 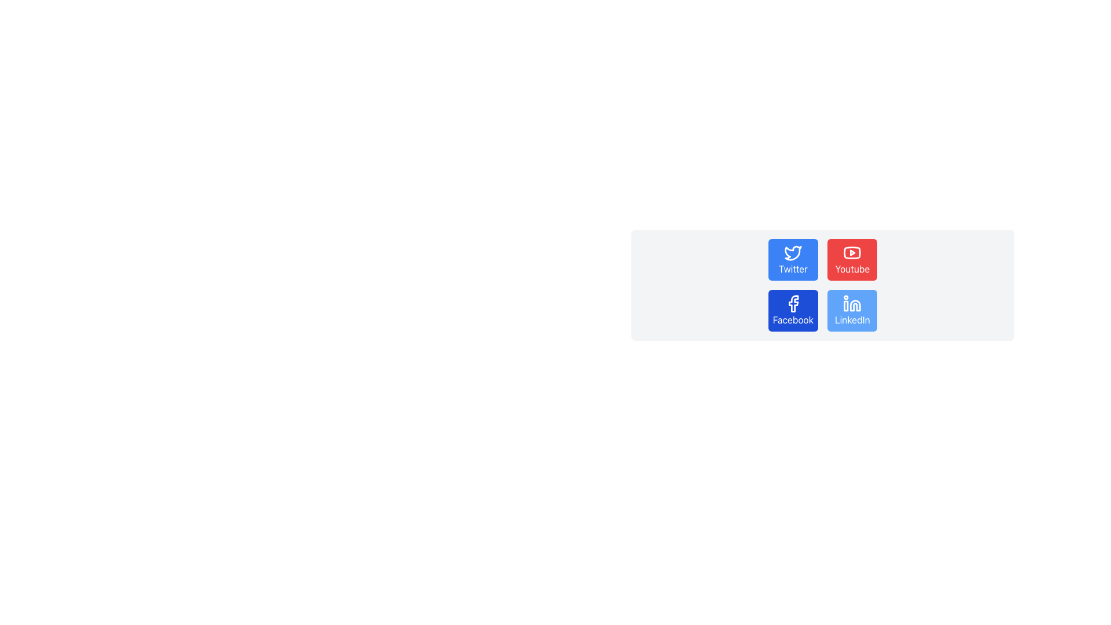 What do you see at coordinates (852, 310) in the screenshot?
I see `the 'LinkedIn' button with a light blue background and white text` at bounding box center [852, 310].